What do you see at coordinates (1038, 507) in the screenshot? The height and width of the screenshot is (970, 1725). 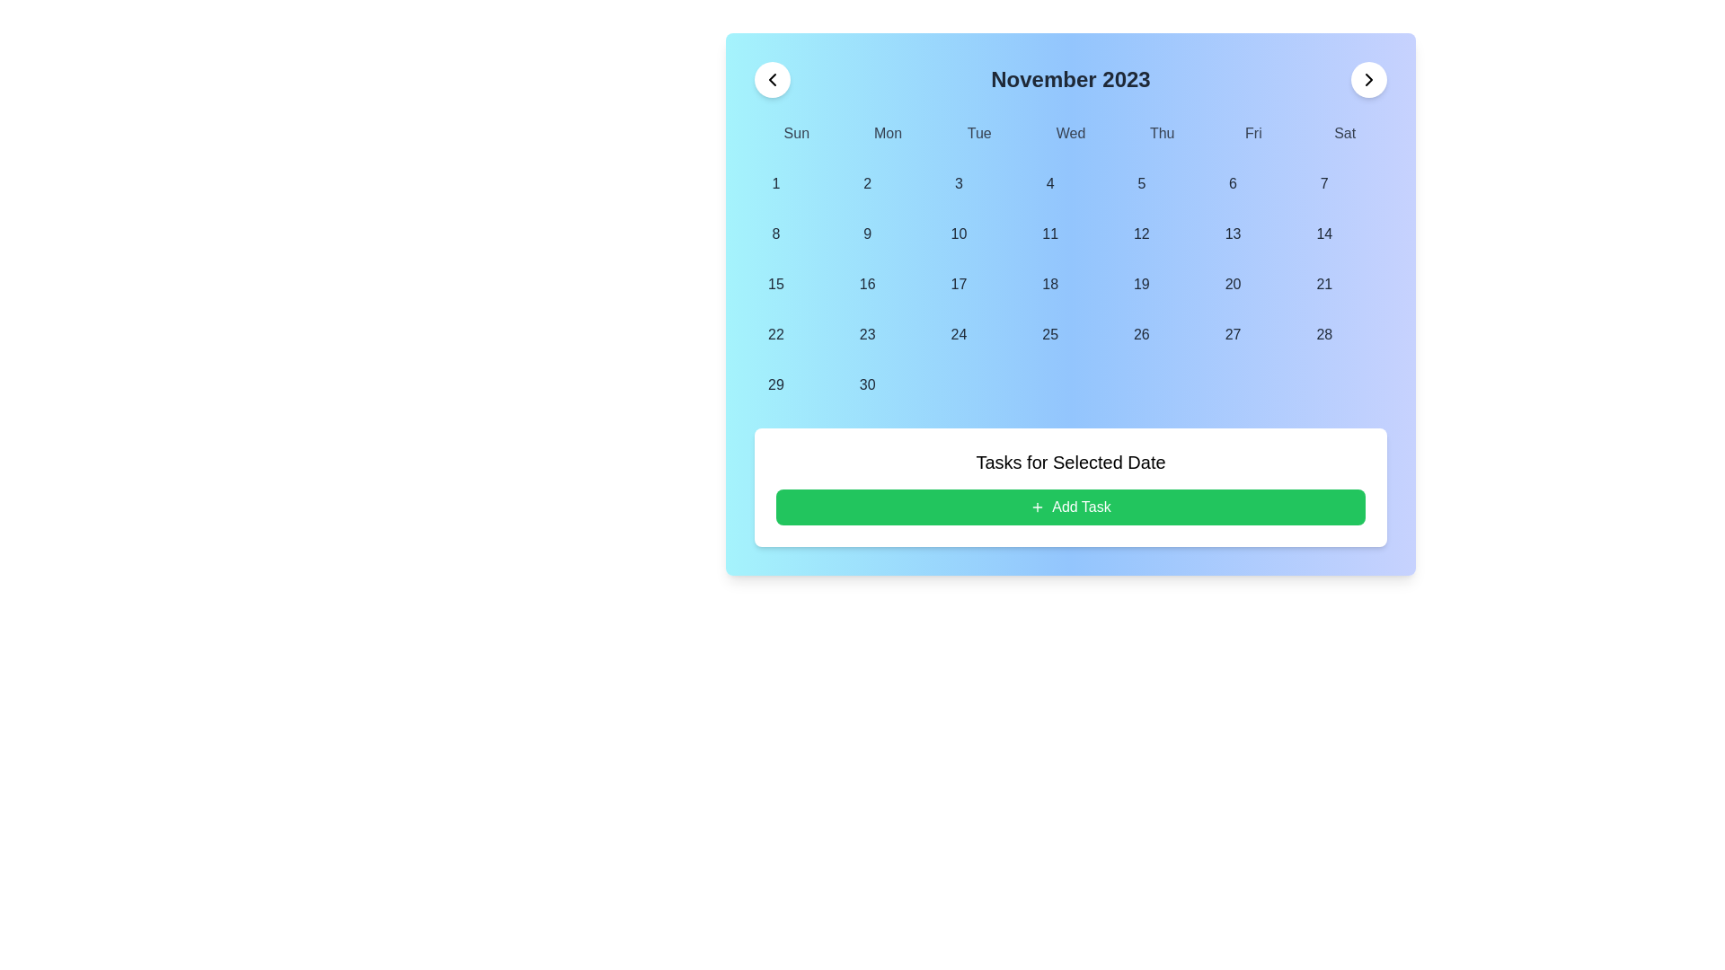 I see `the '+' (plus) icon inside the green 'Add Task' button, which is positioned beneath the calendar and aligned to the left of the 'Add Task' text` at bounding box center [1038, 507].